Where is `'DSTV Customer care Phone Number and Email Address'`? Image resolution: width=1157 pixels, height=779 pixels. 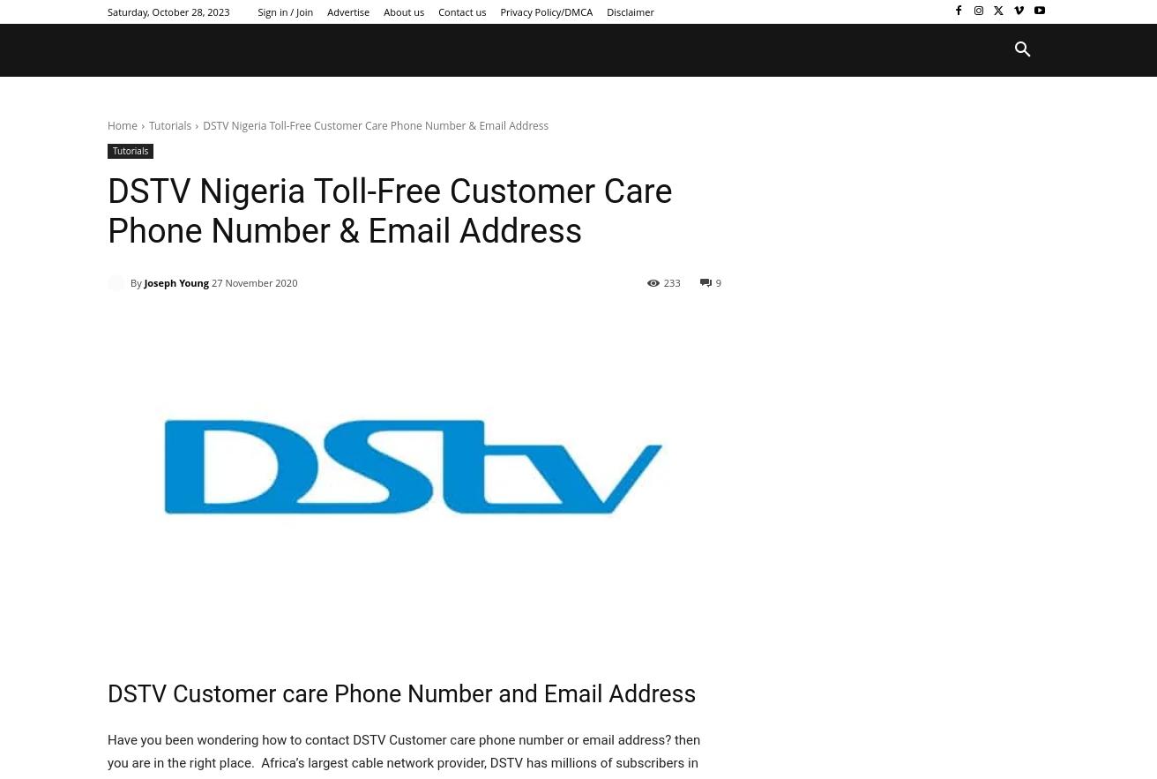 'DSTV Customer care Phone Number and Email Address' is located at coordinates (401, 692).